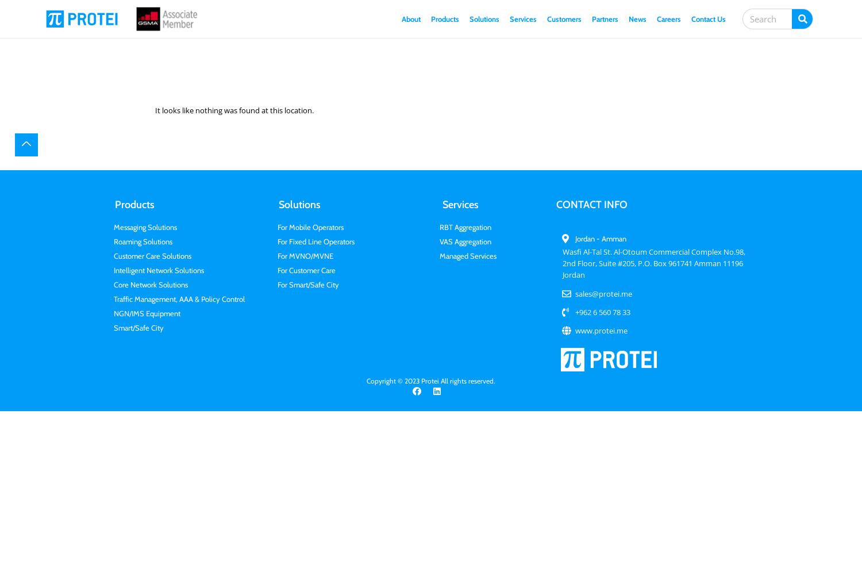 This screenshot has width=862, height=575. Describe the element at coordinates (601, 329) in the screenshot. I see `'www.protei.me'` at that location.